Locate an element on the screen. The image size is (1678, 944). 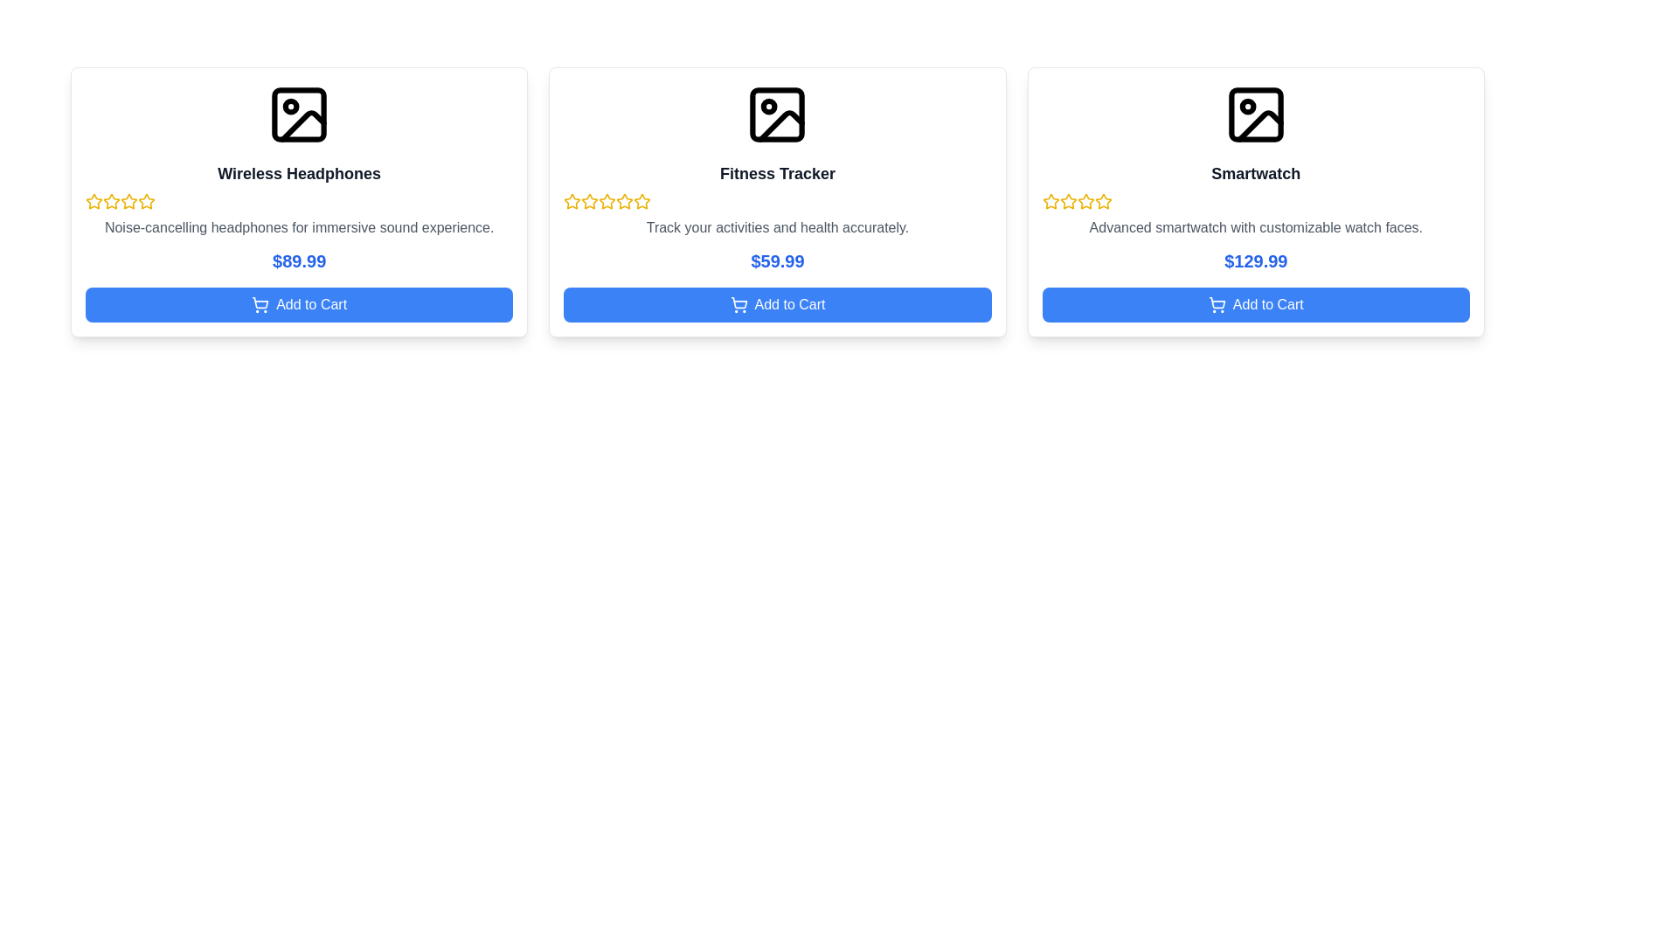
the third star in the horizontal row of five stars in the 'Smartwatch' product card is located at coordinates (1085, 200).